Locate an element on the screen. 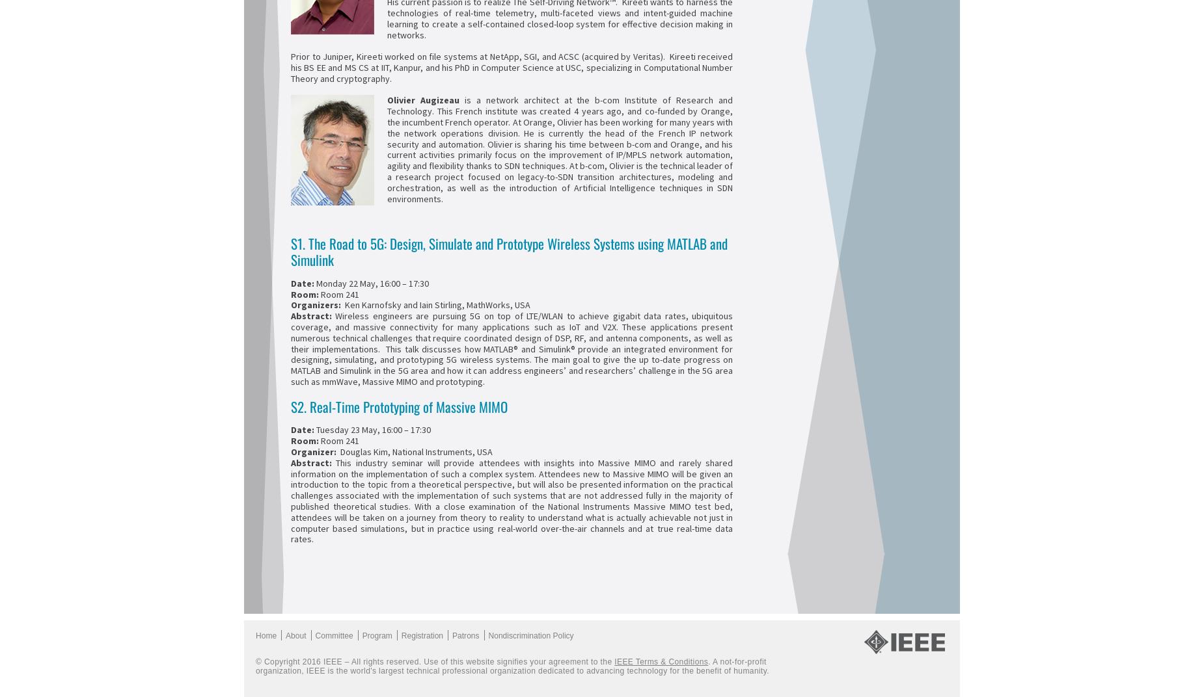 This screenshot has width=1204, height=697. 'Prior to Juniper, Kireeti worked on file systems at NetApp, SGI, and ACSC (acquired by Veritas).  Kireeti received his BS EE and MS CS at IIT, Kanpur, and his PhD in Computer Science at USC, specializing in Computational Number Theory and cryptography.' is located at coordinates (290, 67).